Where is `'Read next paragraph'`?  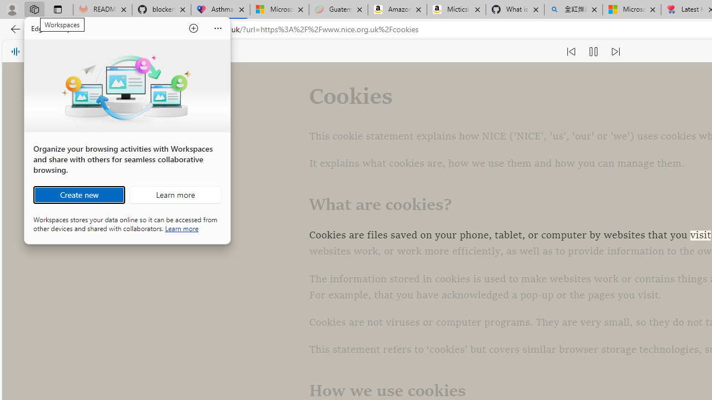 'Read next paragraph' is located at coordinates (614, 51).